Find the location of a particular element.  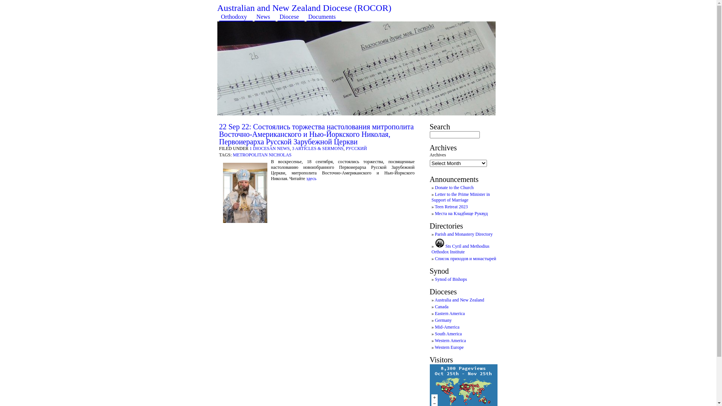

'Canada' is located at coordinates (435, 307).